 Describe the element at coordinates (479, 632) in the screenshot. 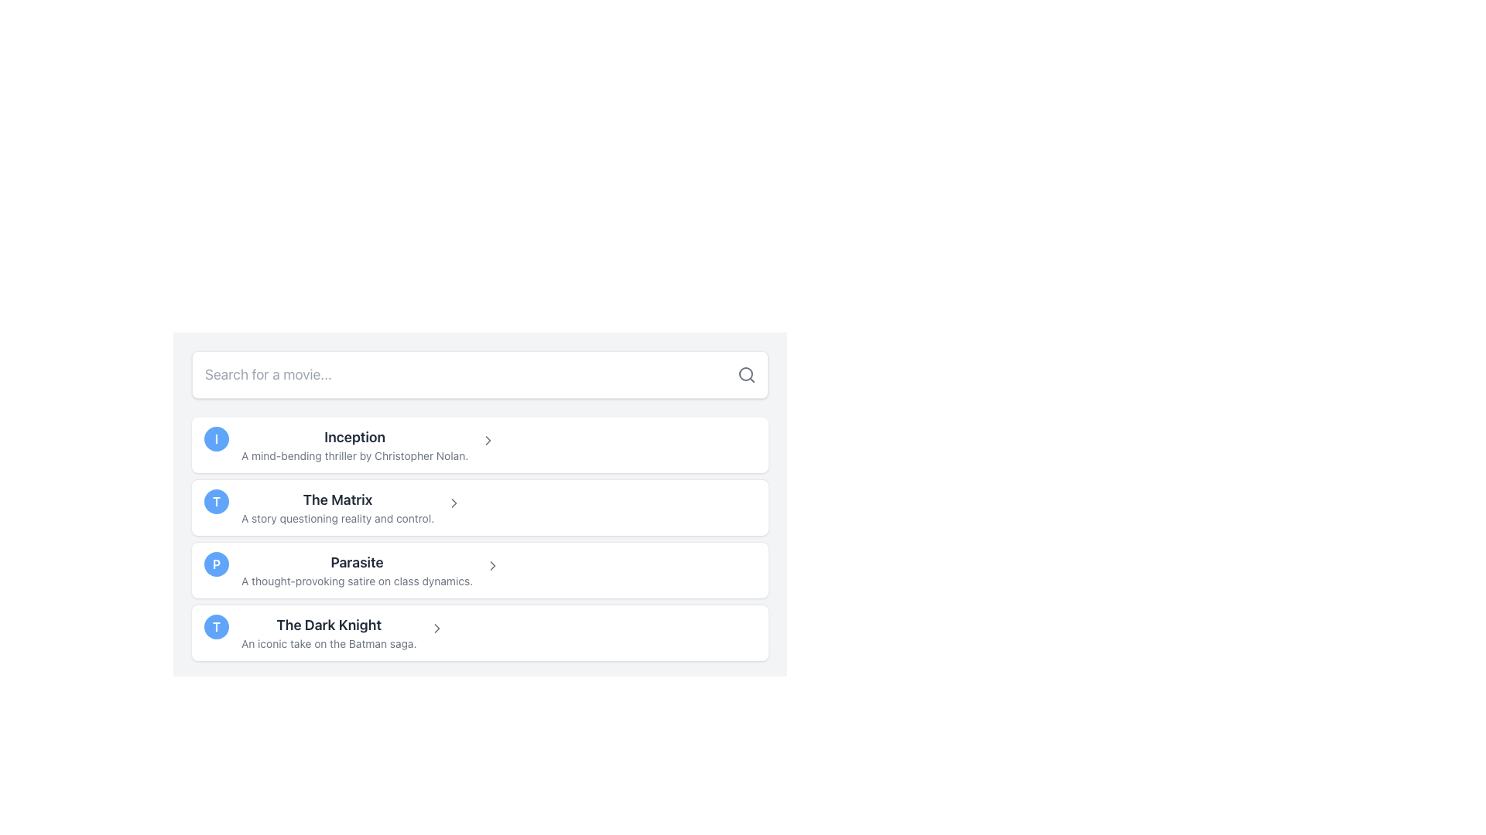

I see `the fourth list item representing 'The Dark Knight', which is positioned at the bottom of the visible portion of the list` at that location.